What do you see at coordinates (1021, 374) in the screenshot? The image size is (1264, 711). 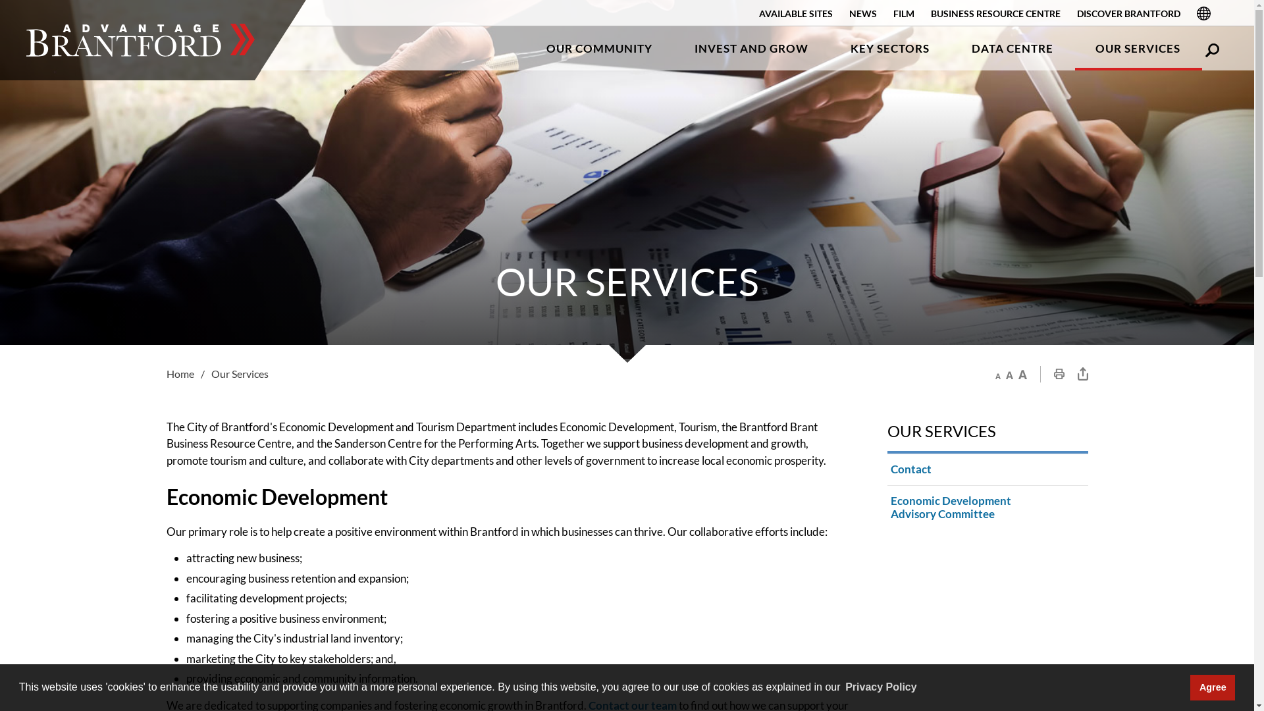 I see `'Increase text size'` at bounding box center [1021, 374].